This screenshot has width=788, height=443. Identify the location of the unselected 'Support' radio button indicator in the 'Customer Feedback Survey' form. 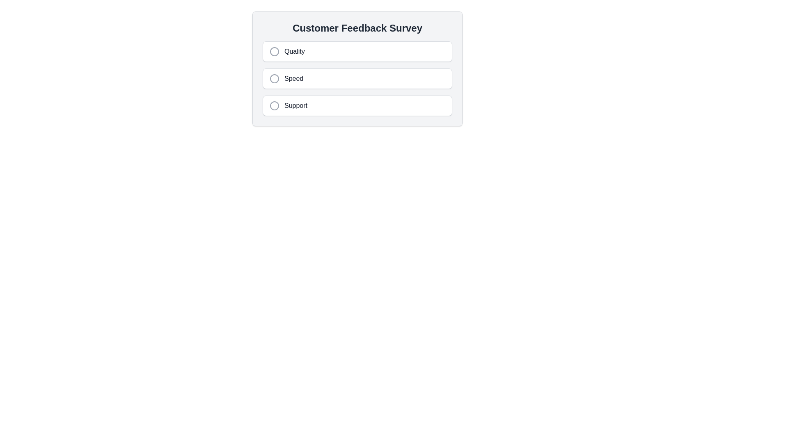
(274, 105).